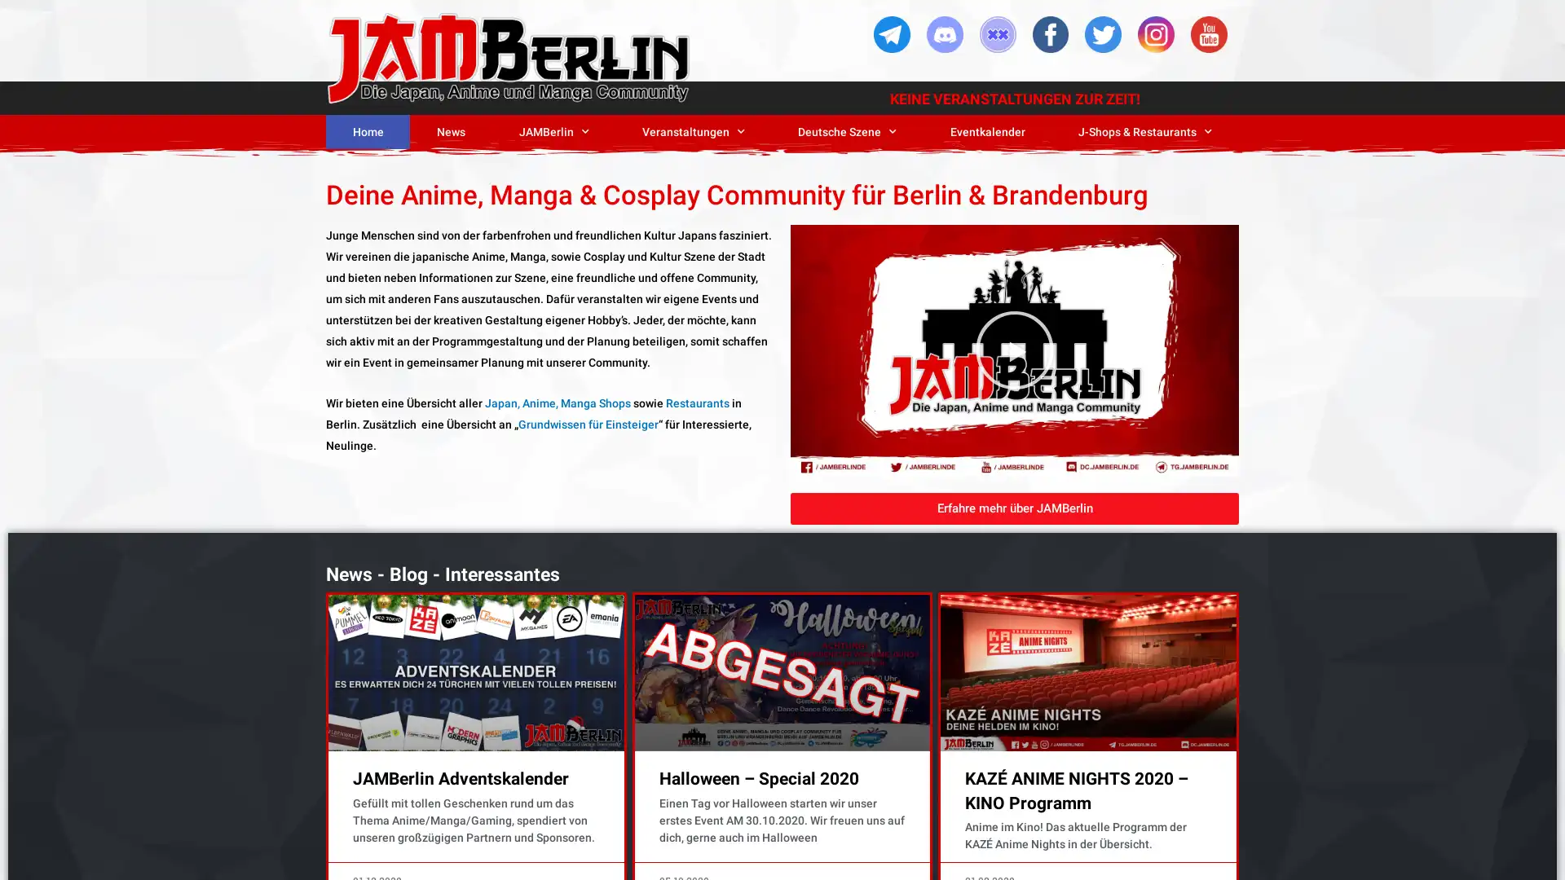  Describe the element at coordinates (809, 407) in the screenshot. I see `play` at that location.